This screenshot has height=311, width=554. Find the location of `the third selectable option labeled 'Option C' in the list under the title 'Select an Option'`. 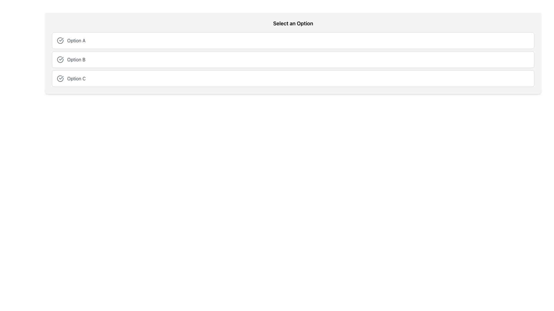

the third selectable option labeled 'Option C' in the list under the title 'Select an Option' is located at coordinates (293, 79).